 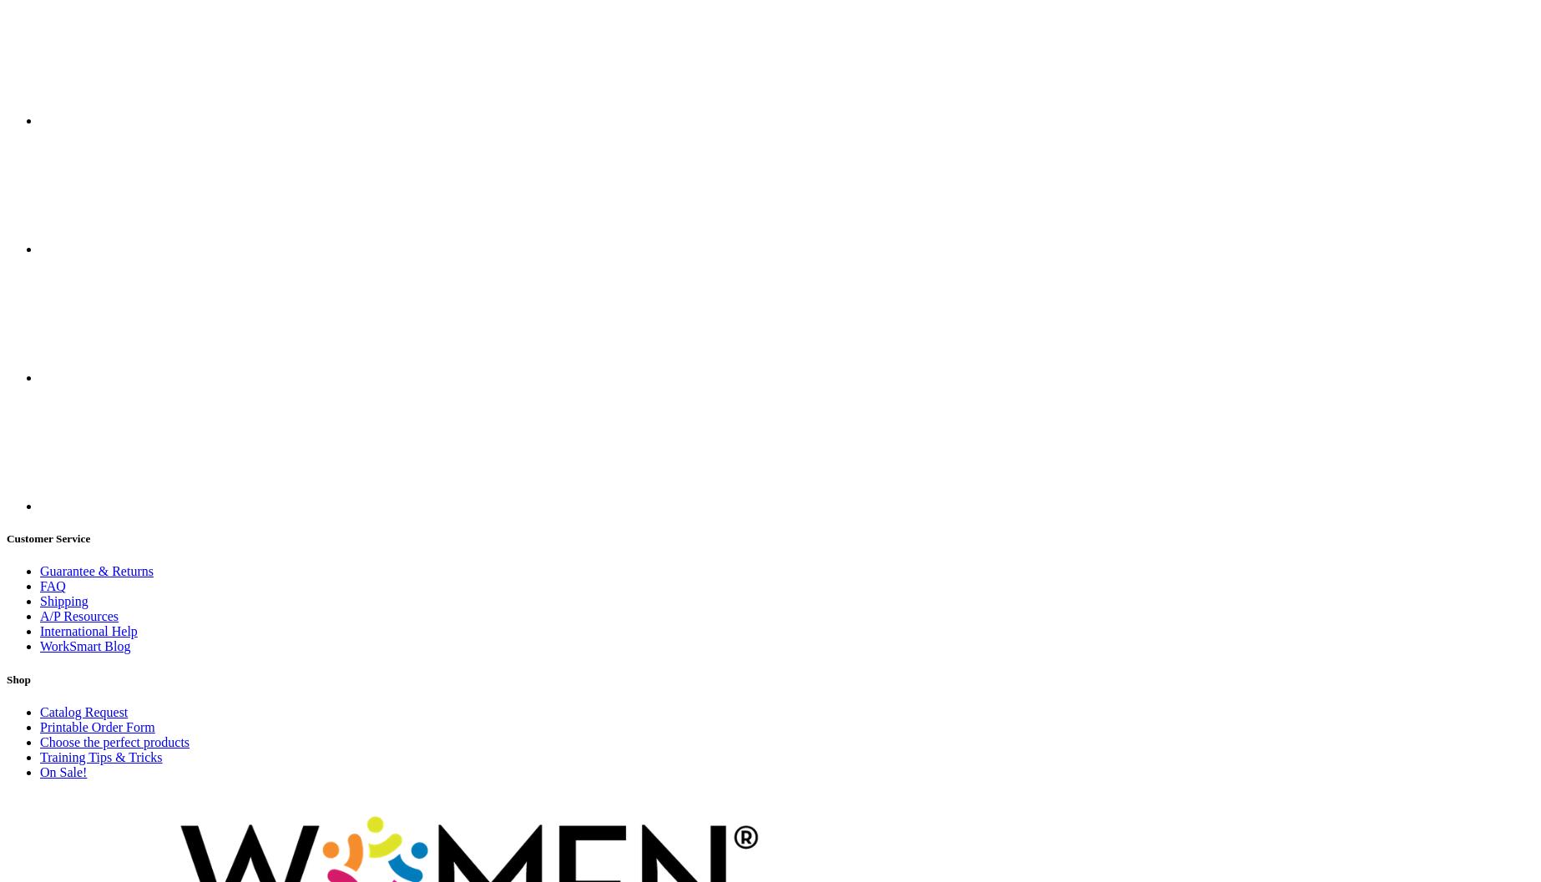 What do you see at coordinates (6, 538) in the screenshot?
I see `'Customer Service'` at bounding box center [6, 538].